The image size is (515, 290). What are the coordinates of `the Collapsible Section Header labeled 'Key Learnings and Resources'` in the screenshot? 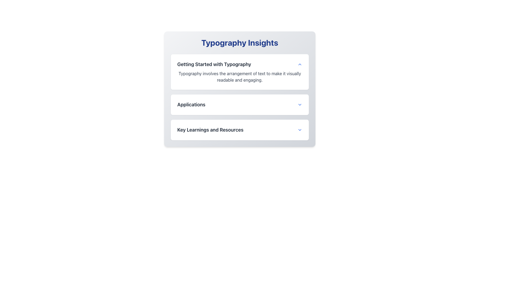 It's located at (239, 130).